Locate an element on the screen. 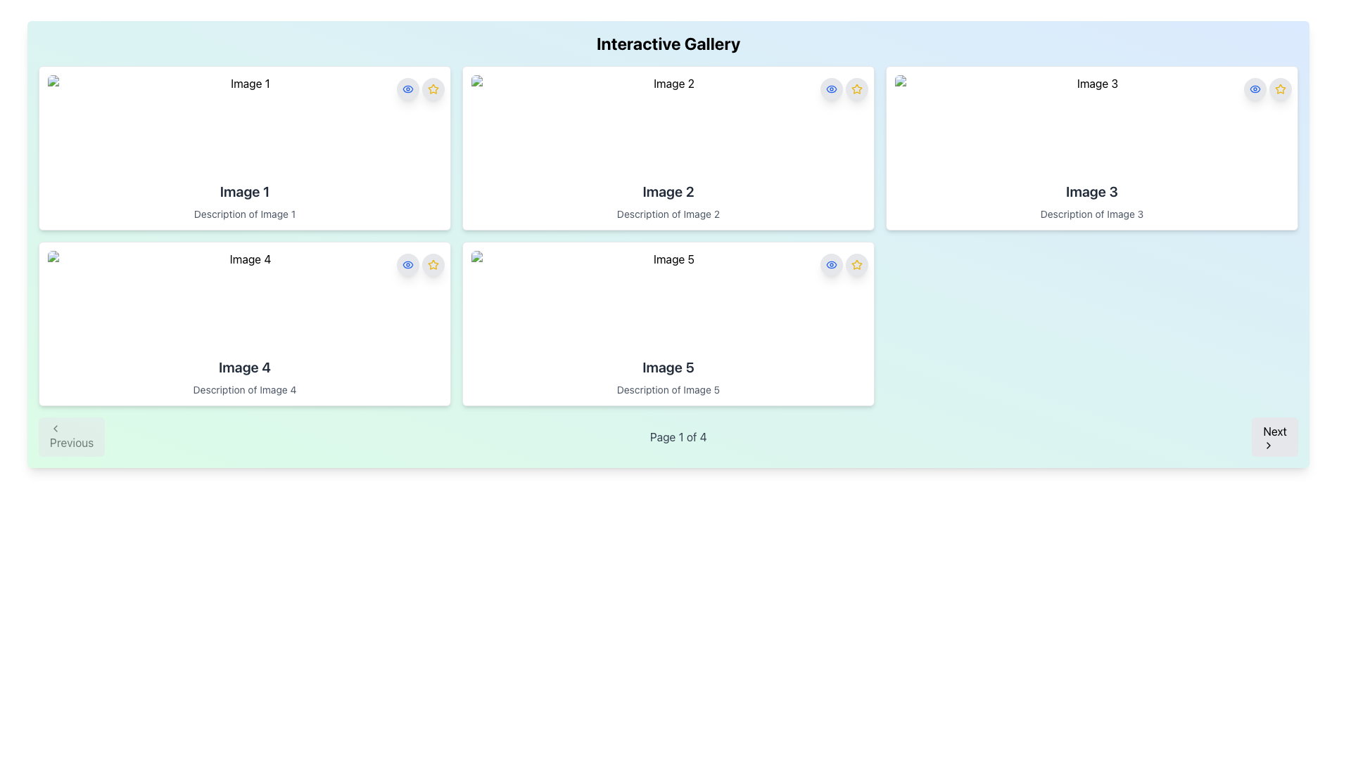  the star icon in the top right section of the card labeled 'Image 5' to mark it as a favorite is located at coordinates (844, 265).